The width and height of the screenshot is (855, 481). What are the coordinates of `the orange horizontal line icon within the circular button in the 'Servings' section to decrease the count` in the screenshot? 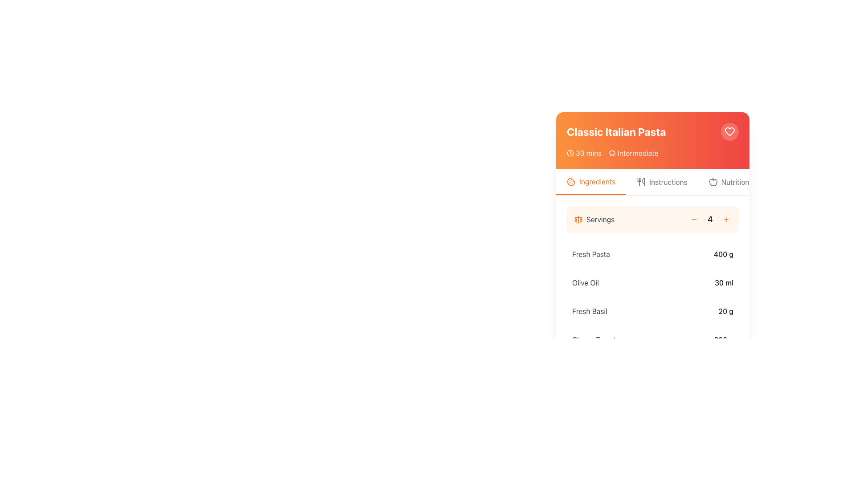 It's located at (694, 220).